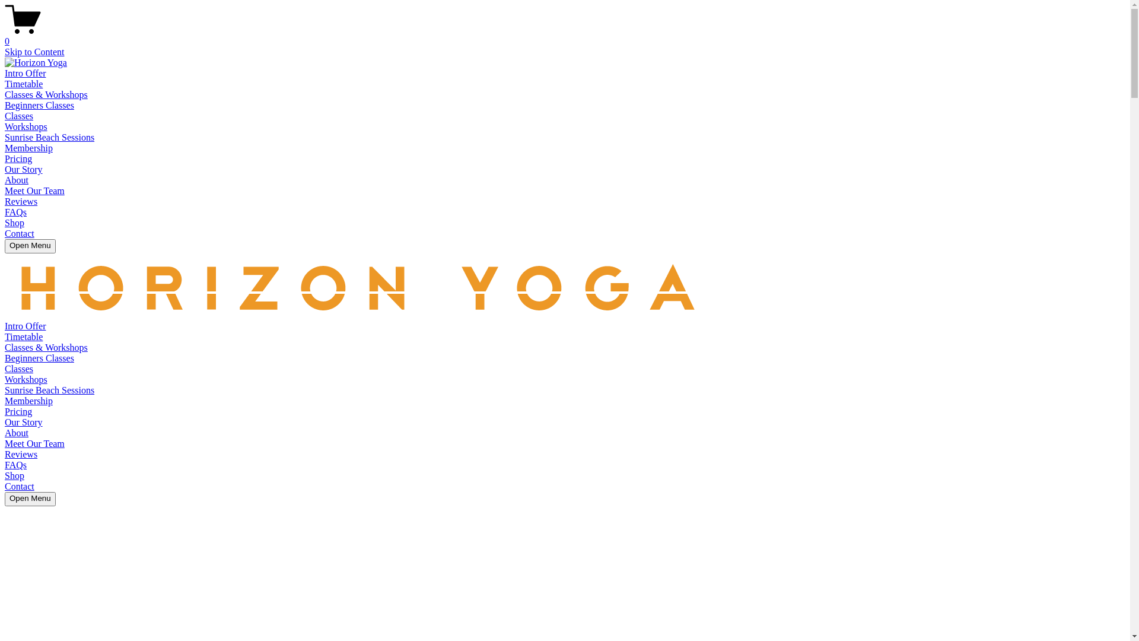 The width and height of the screenshot is (1139, 641). Describe the element at coordinates (23, 169) in the screenshot. I see `'Our Story'` at that location.